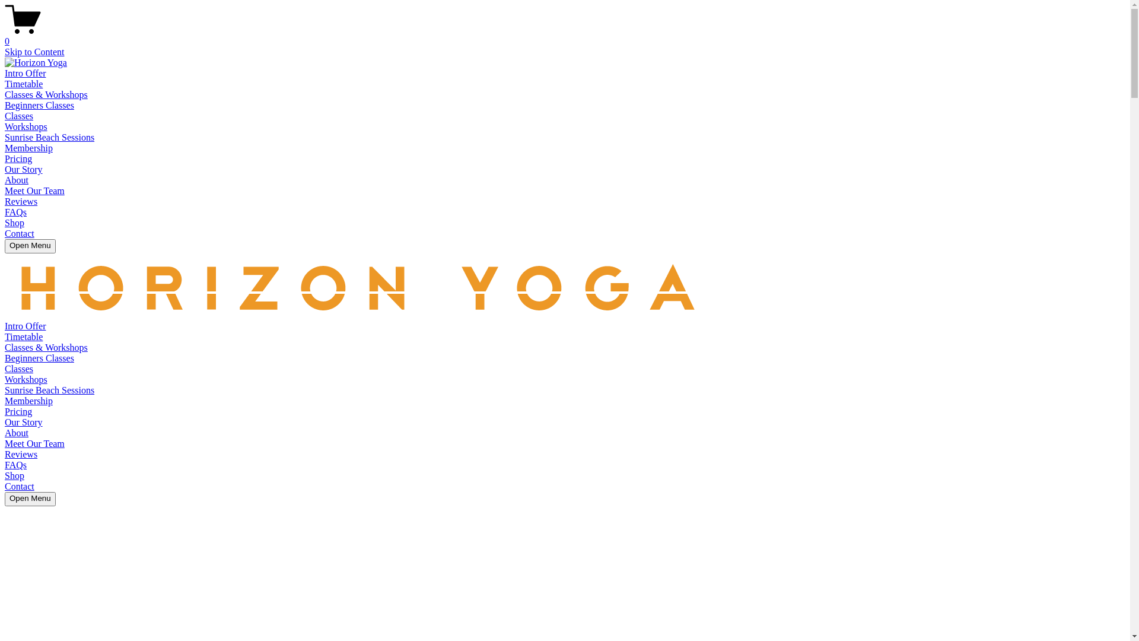 The width and height of the screenshot is (1139, 641). Describe the element at coordinates (23, 169) in the screenshot. I see `'Our Story'` at that location.